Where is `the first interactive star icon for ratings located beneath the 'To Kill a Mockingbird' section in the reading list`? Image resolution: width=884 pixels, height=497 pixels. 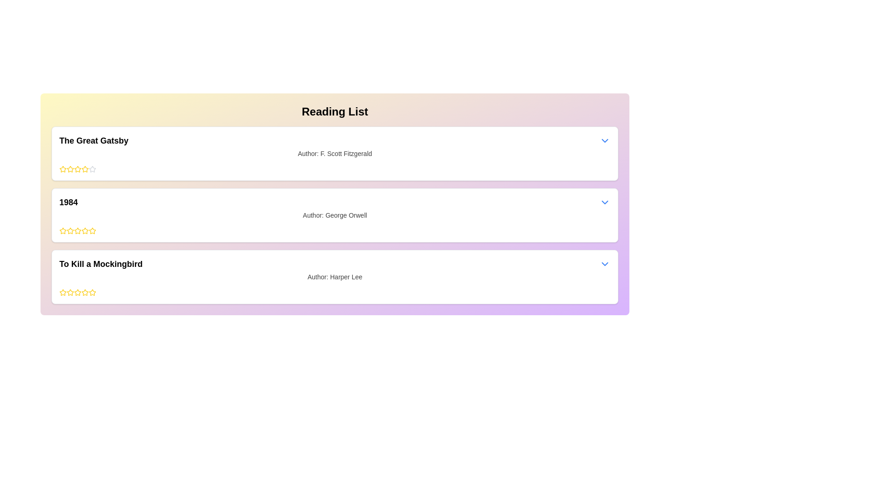 the first interactive star icon for ratings located beneath the 'To Kill a Mockingbird' section in the reading list is located at coordinates (63, 292).